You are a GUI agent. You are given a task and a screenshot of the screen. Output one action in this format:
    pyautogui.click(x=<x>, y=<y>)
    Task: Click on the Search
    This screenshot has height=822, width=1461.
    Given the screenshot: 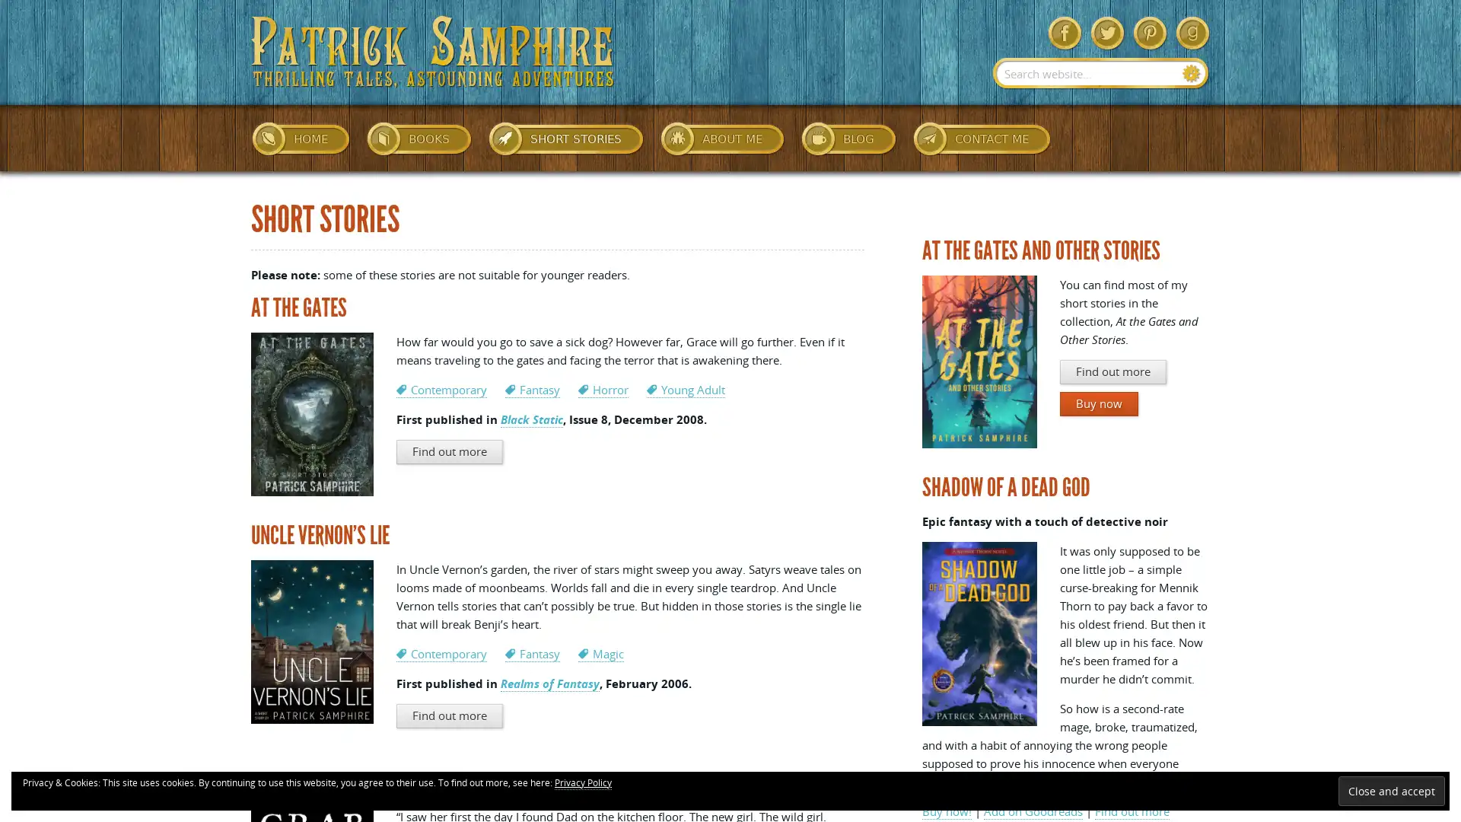 What is the action you would take?
    pyautogui.click(x=1191, y=73)
    